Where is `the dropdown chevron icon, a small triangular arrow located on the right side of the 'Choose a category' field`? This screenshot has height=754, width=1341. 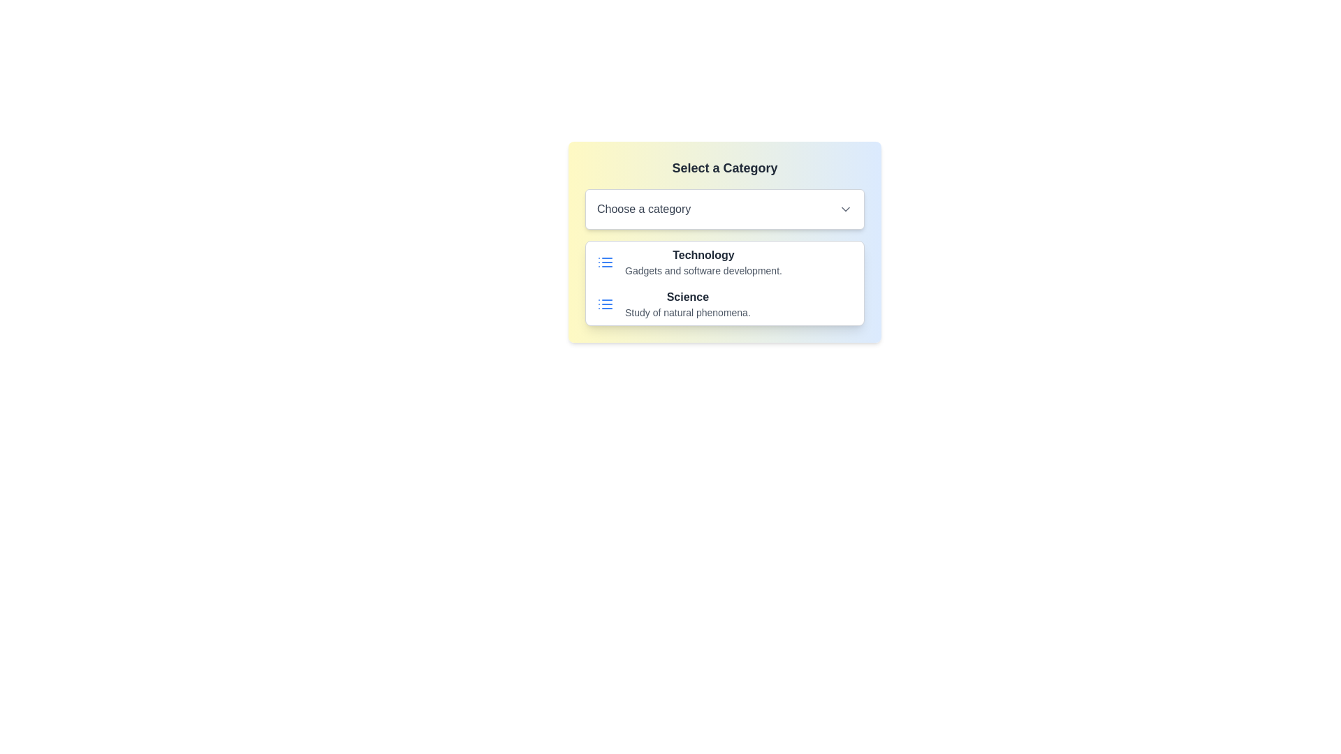
the dropdown chevron icon, a small triangular arrow located on the right side of the 'Choose a category' field is located at coordinates (844, 209).